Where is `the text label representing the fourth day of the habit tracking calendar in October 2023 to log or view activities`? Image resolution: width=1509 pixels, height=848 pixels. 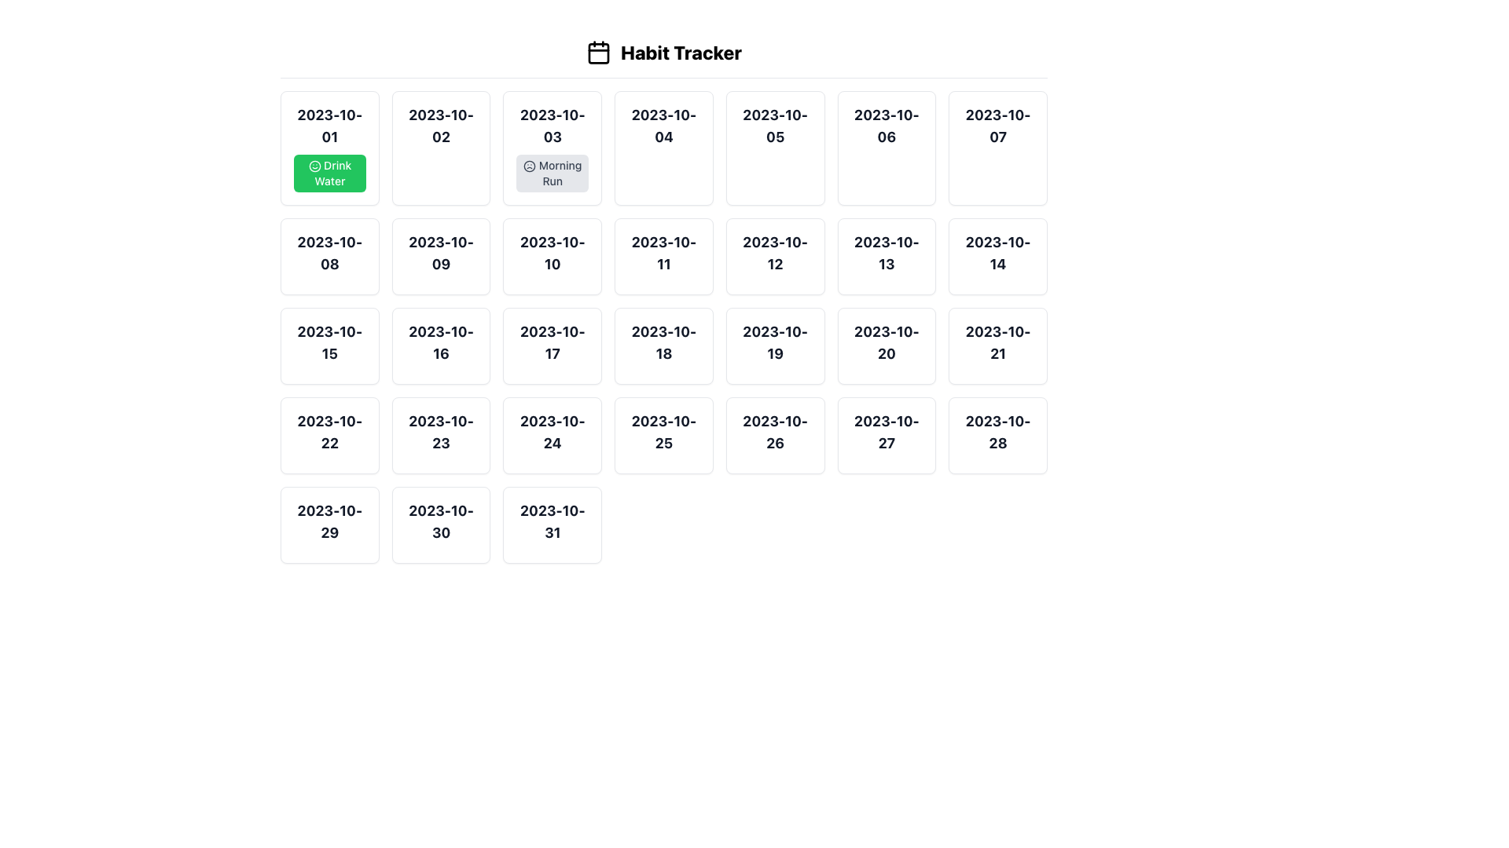 the text label representing the fourth day of the habit tracking calendar in October 2023 to log or view activities is located at coordinates (663, 126).